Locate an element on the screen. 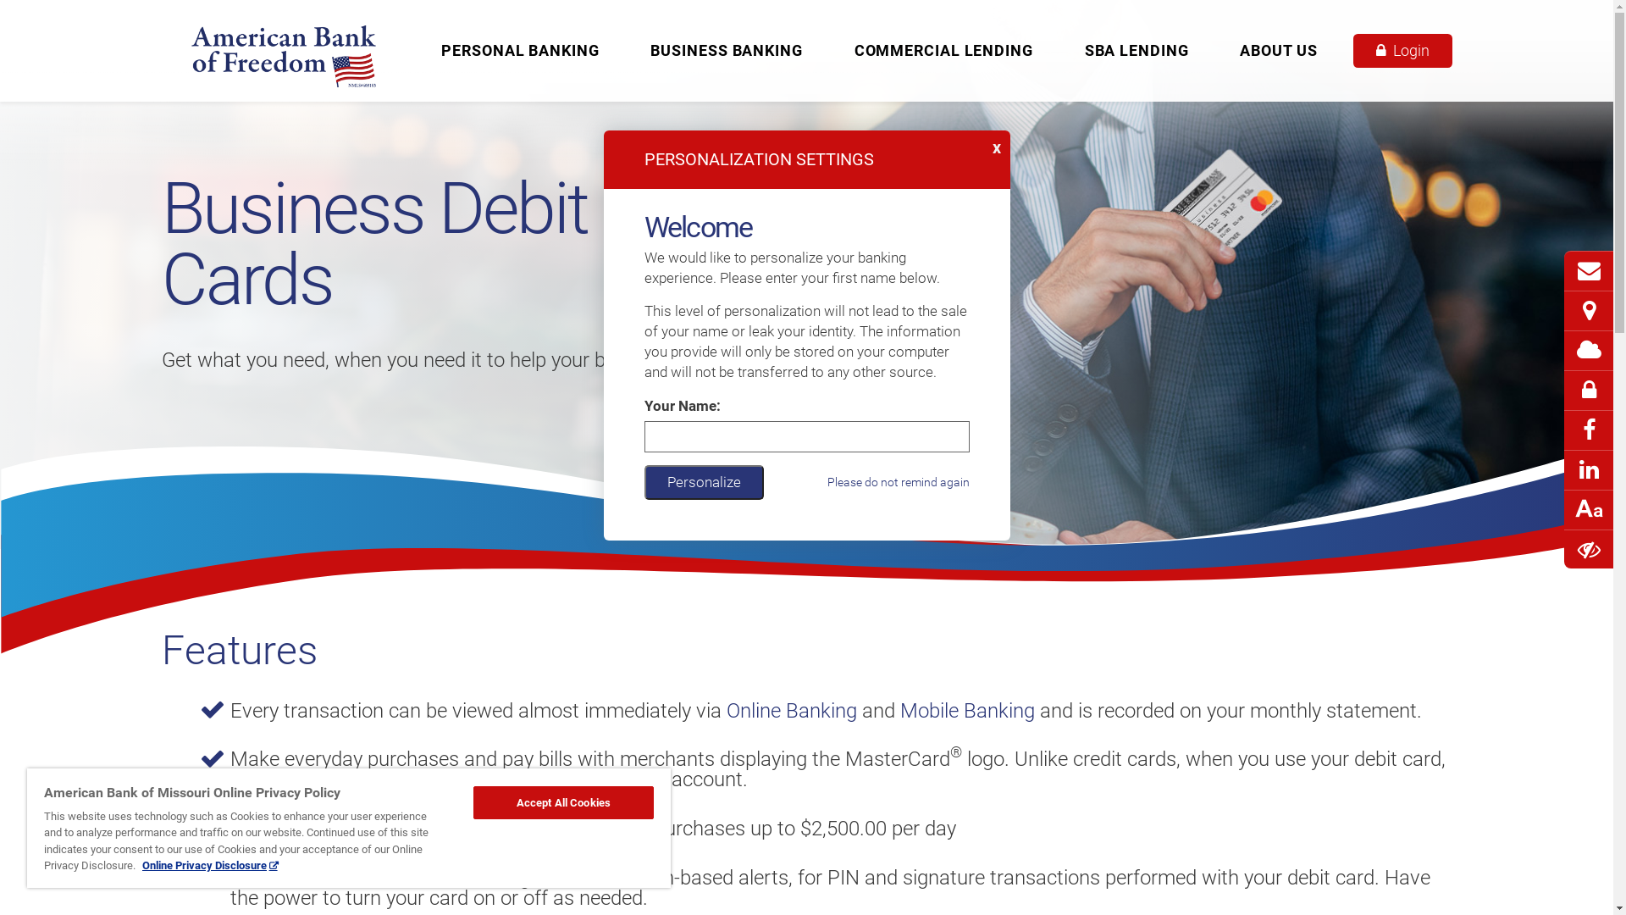 Image resolution: width=1626 pixels, height=915 pixels. 'Contacts Us' is located at coordinates (1588, 270).